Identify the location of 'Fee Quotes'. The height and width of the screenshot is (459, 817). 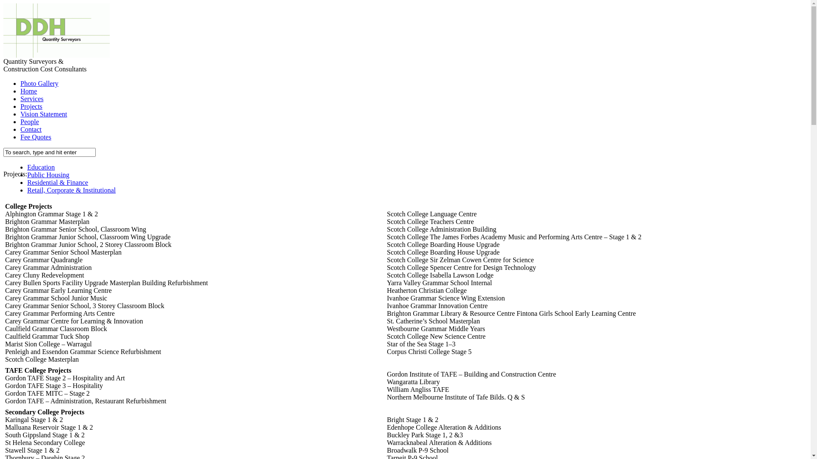
(35, 136).